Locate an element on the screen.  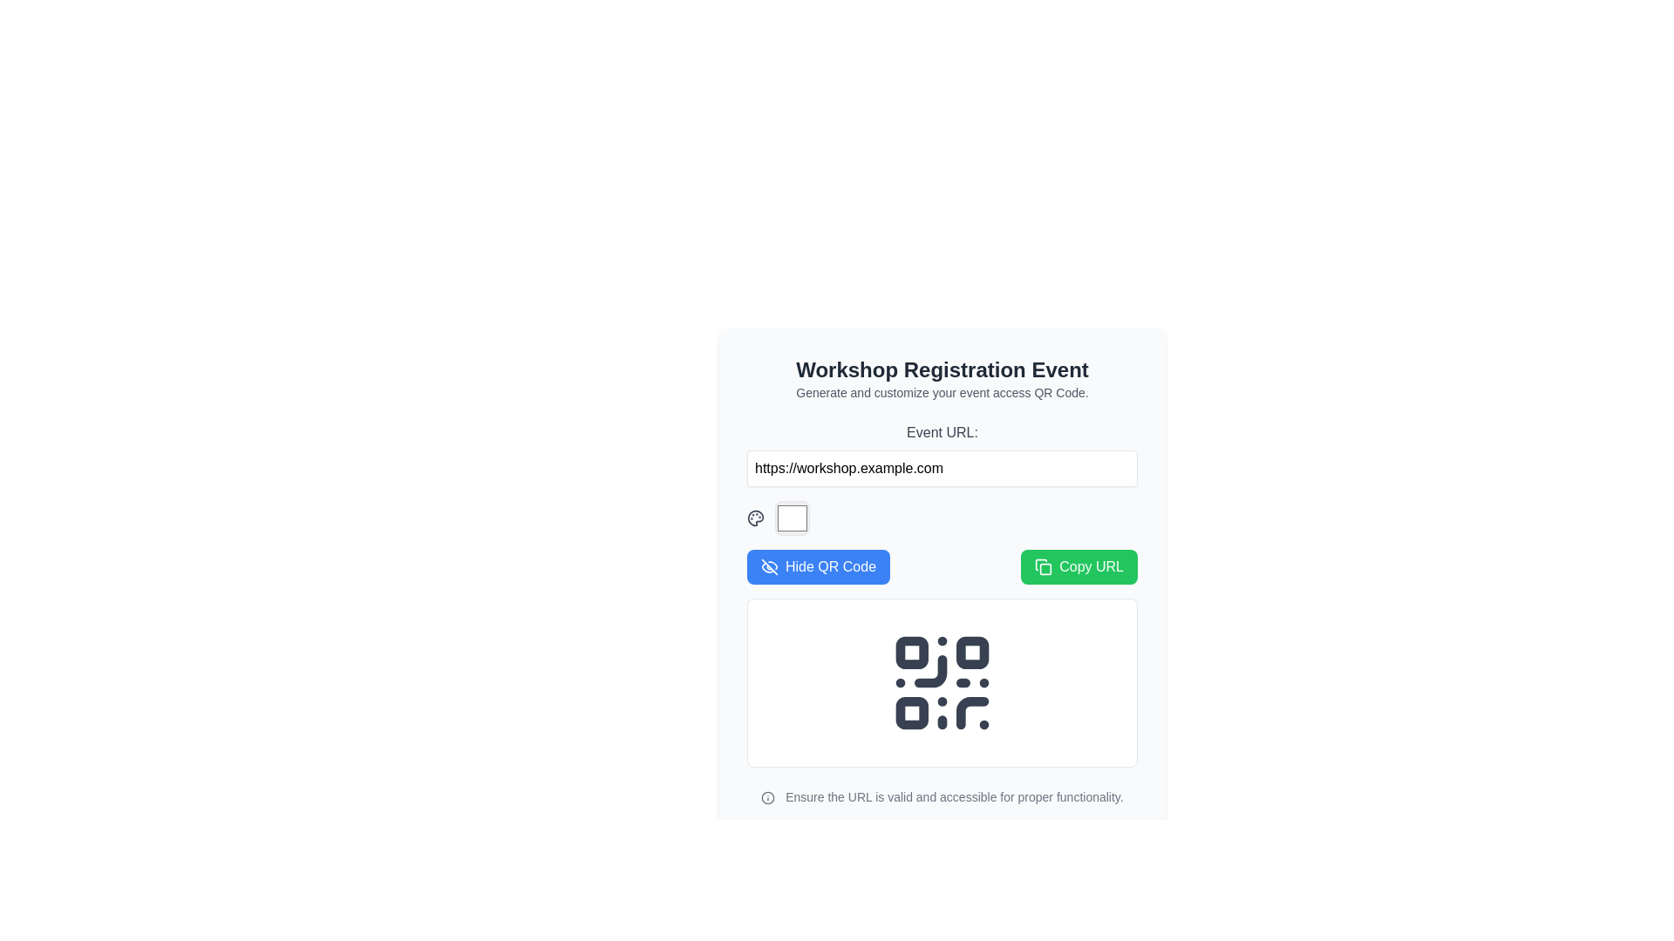
the informational text element that reads 'Ensure the URL is valid and accessible for proper functionality.' which is styled with a small gray font and accompanied by a circular 'i' icon, located at the bottom of the 'Workshop Registration Event' card area is located at coordinates (941, 796).